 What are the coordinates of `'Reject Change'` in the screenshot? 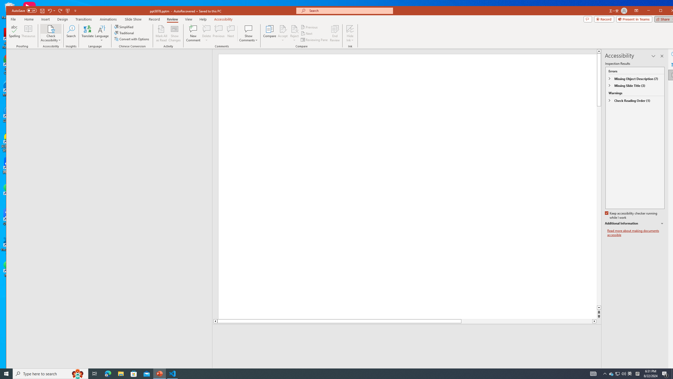 It's located at (294, 28).